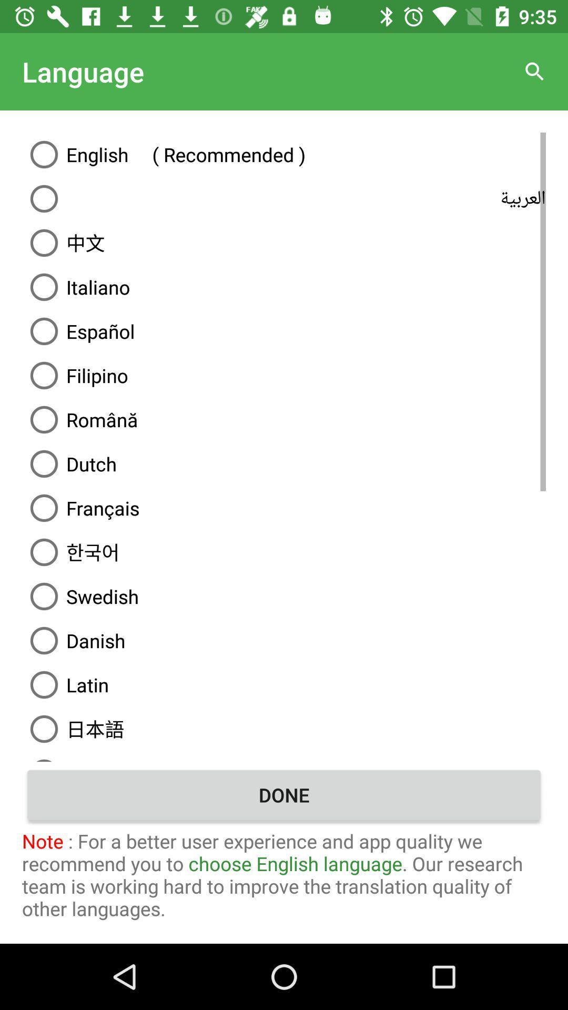  I want to click on the icon below danish item, so click(284, 684).